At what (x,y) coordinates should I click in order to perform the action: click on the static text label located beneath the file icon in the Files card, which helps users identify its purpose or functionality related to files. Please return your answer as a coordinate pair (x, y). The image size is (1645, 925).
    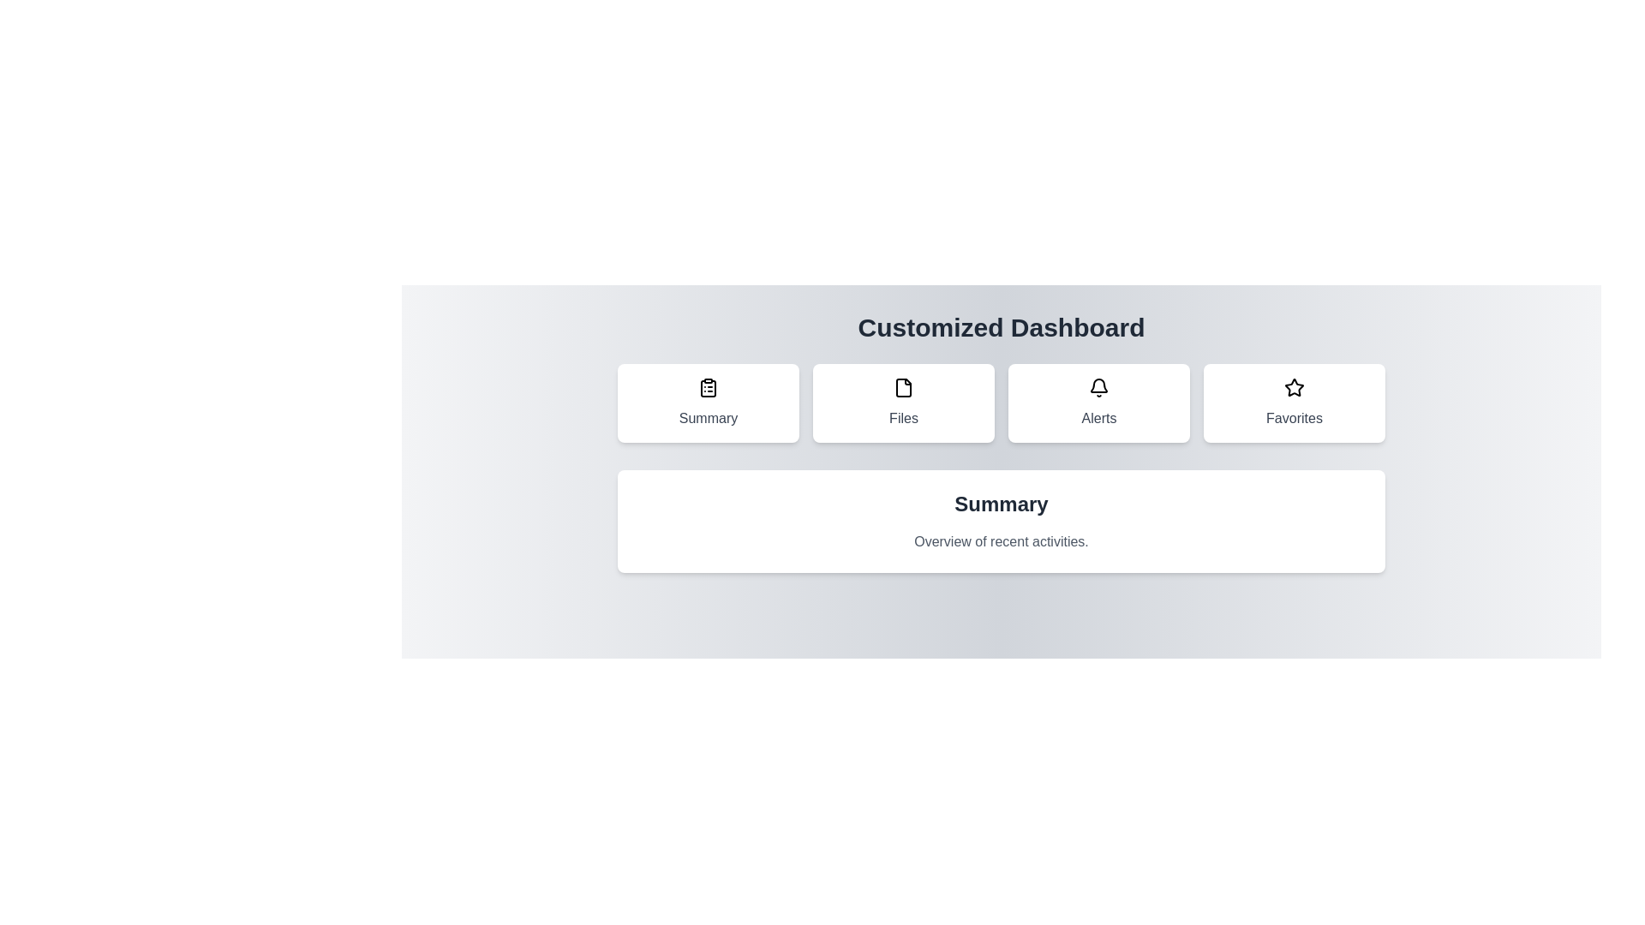
    Looking at the image, I should click on (903, 419).